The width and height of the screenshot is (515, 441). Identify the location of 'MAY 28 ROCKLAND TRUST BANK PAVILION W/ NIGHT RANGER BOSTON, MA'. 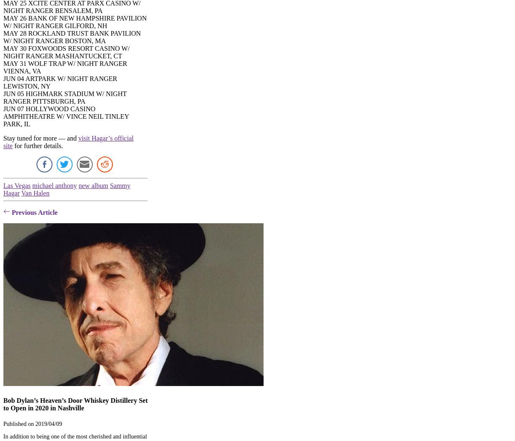
(71, 37).